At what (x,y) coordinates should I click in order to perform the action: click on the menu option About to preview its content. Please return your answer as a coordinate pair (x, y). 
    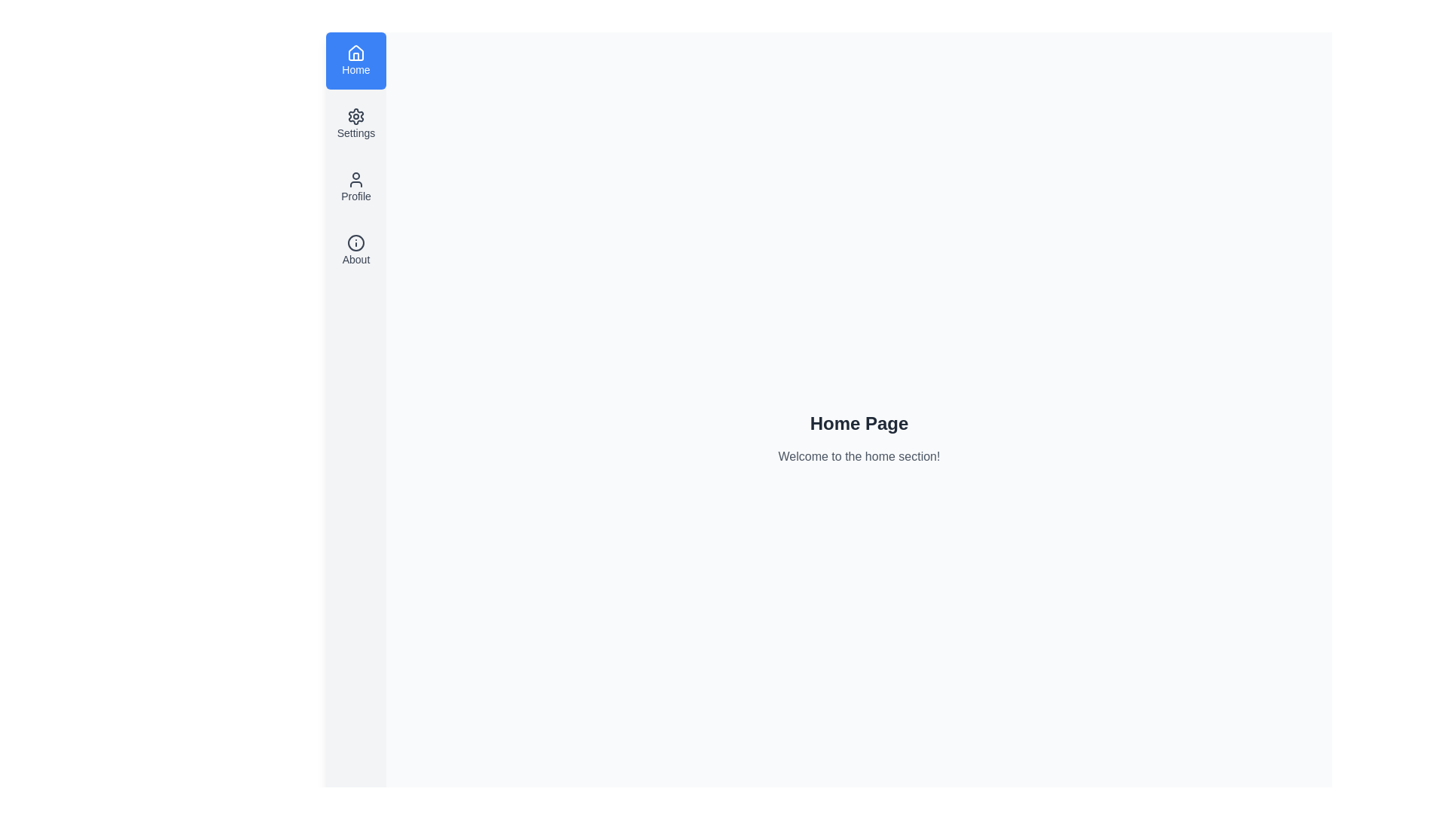
    Looking at the image, I should click on (355, 249).